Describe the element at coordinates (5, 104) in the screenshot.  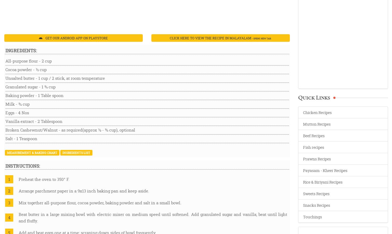
I see `'Milk - ¾ cup'` at that location.